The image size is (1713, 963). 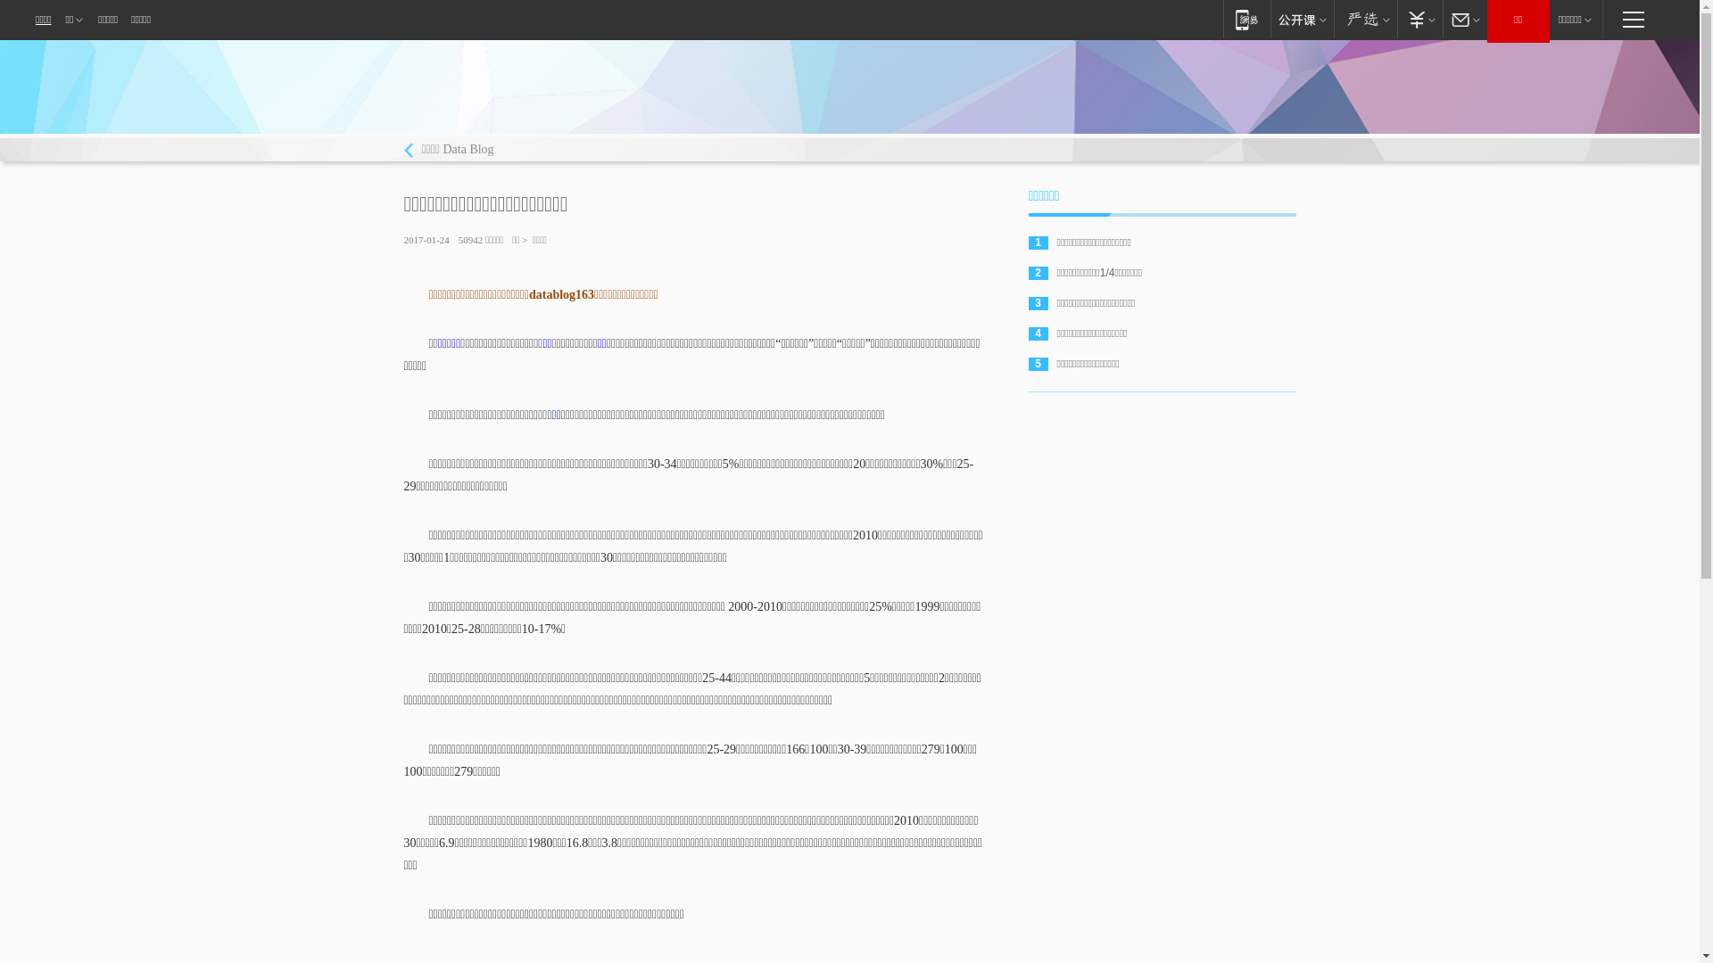 I want to click on '50942', so click(x=471, y=239).